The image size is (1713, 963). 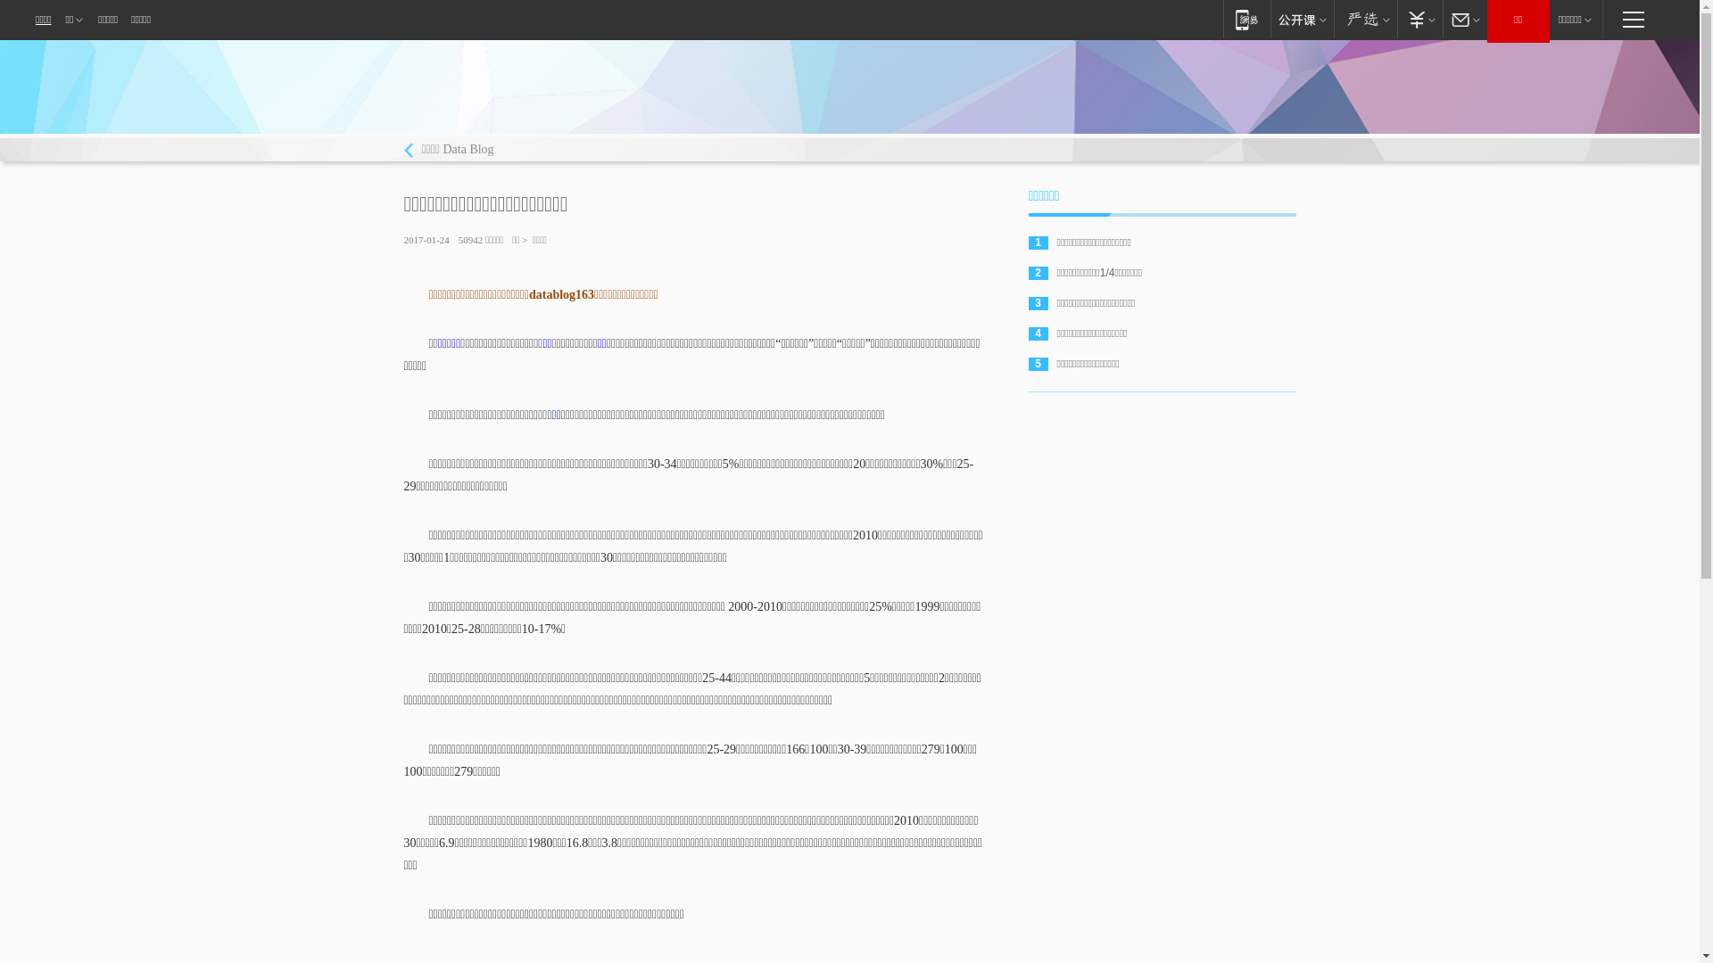 I want to click on '50942', so click(x=471, y=239).